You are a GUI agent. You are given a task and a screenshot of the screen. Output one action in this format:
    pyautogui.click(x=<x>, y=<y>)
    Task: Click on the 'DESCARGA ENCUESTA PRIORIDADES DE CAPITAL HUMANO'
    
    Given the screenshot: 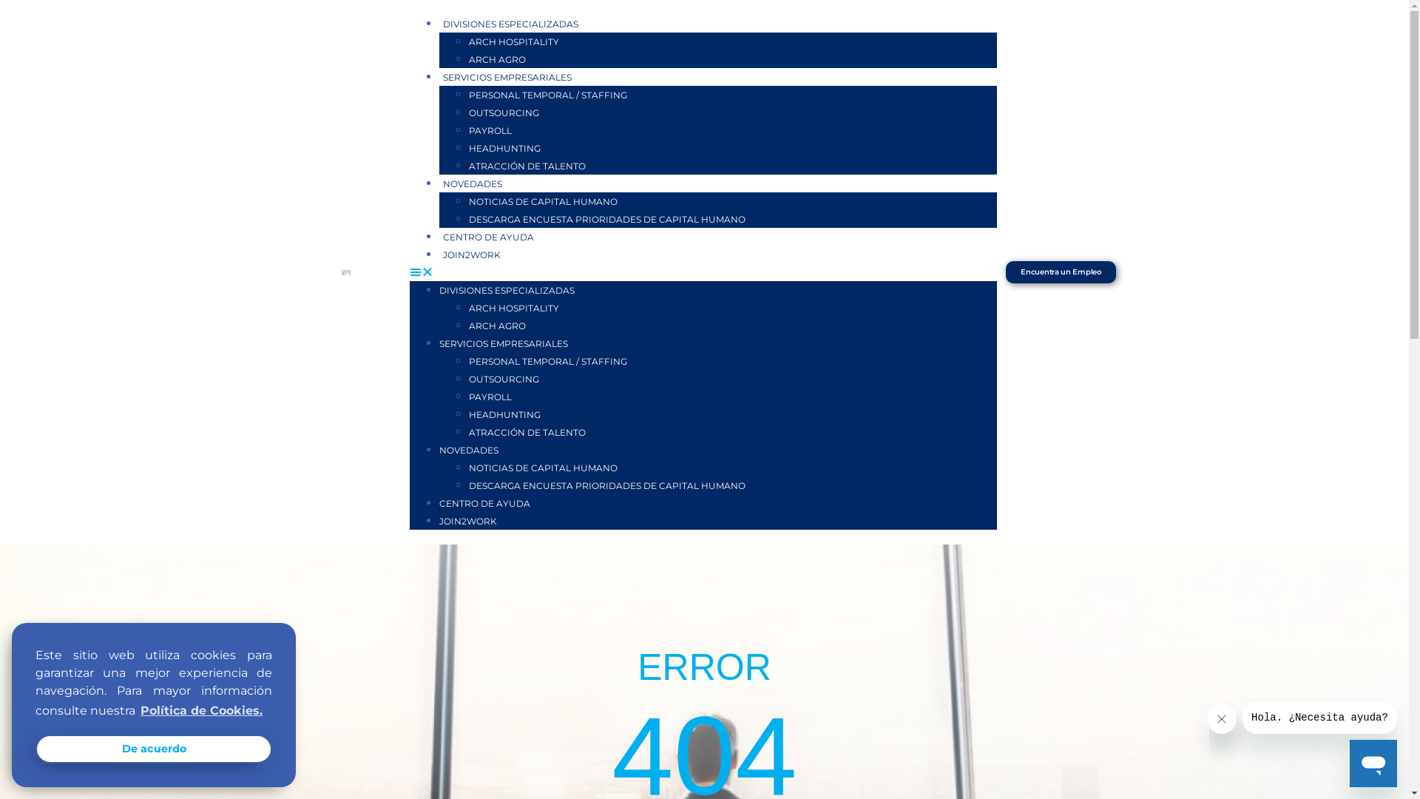 What is the action you would take?
    pyautogui.click(x=606, y=485)
    